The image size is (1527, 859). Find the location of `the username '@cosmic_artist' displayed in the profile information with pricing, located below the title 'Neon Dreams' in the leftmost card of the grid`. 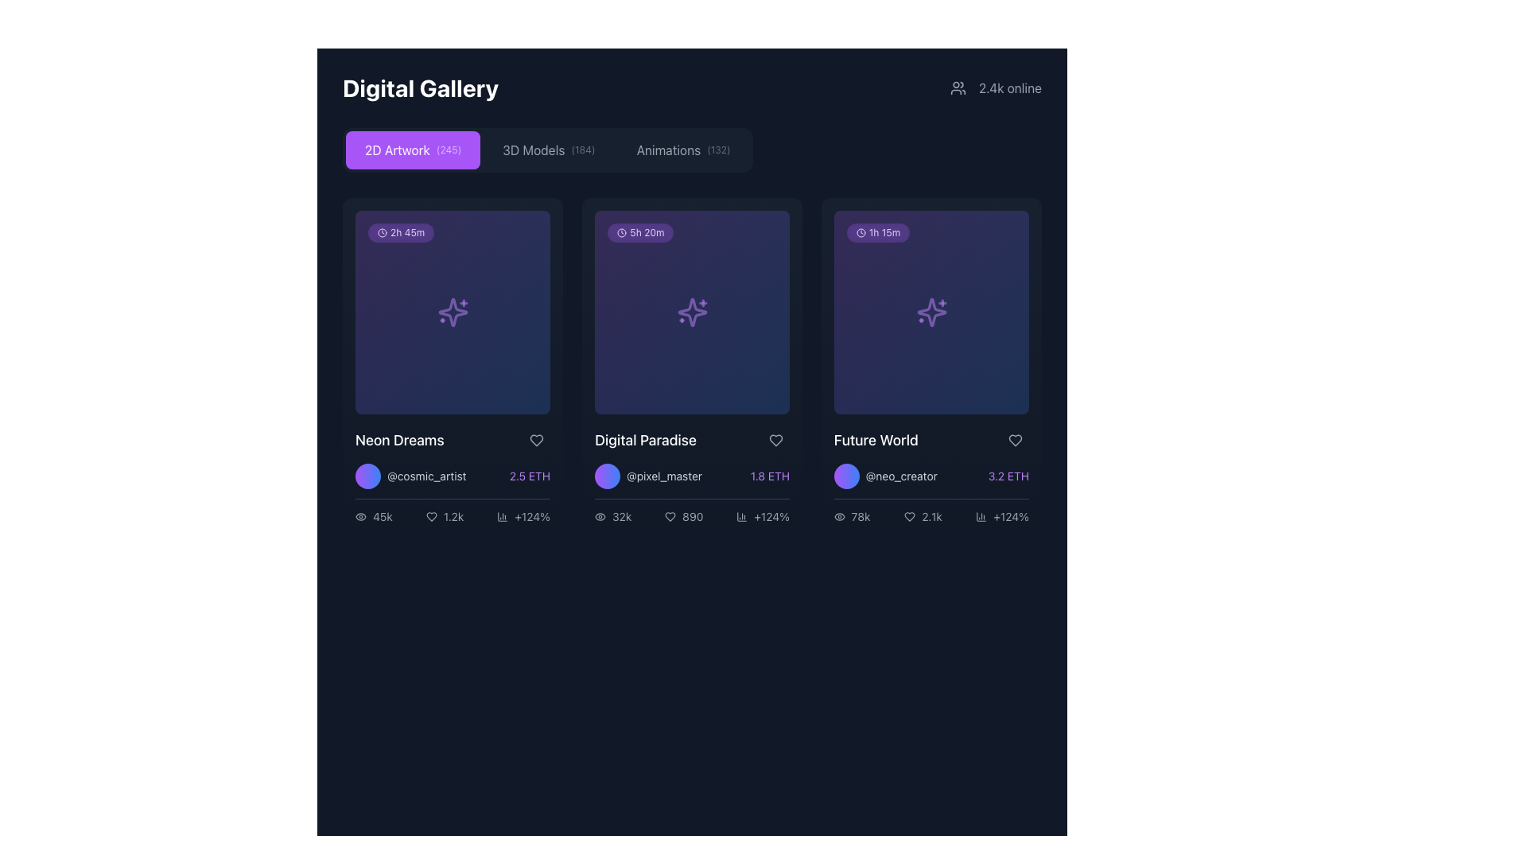

the username '@cosmic_artist' displayed in the profile information with pricing, located below the title 'Neon Dreams' in the leftmost card of the grid is located at coordinates (452, 475).